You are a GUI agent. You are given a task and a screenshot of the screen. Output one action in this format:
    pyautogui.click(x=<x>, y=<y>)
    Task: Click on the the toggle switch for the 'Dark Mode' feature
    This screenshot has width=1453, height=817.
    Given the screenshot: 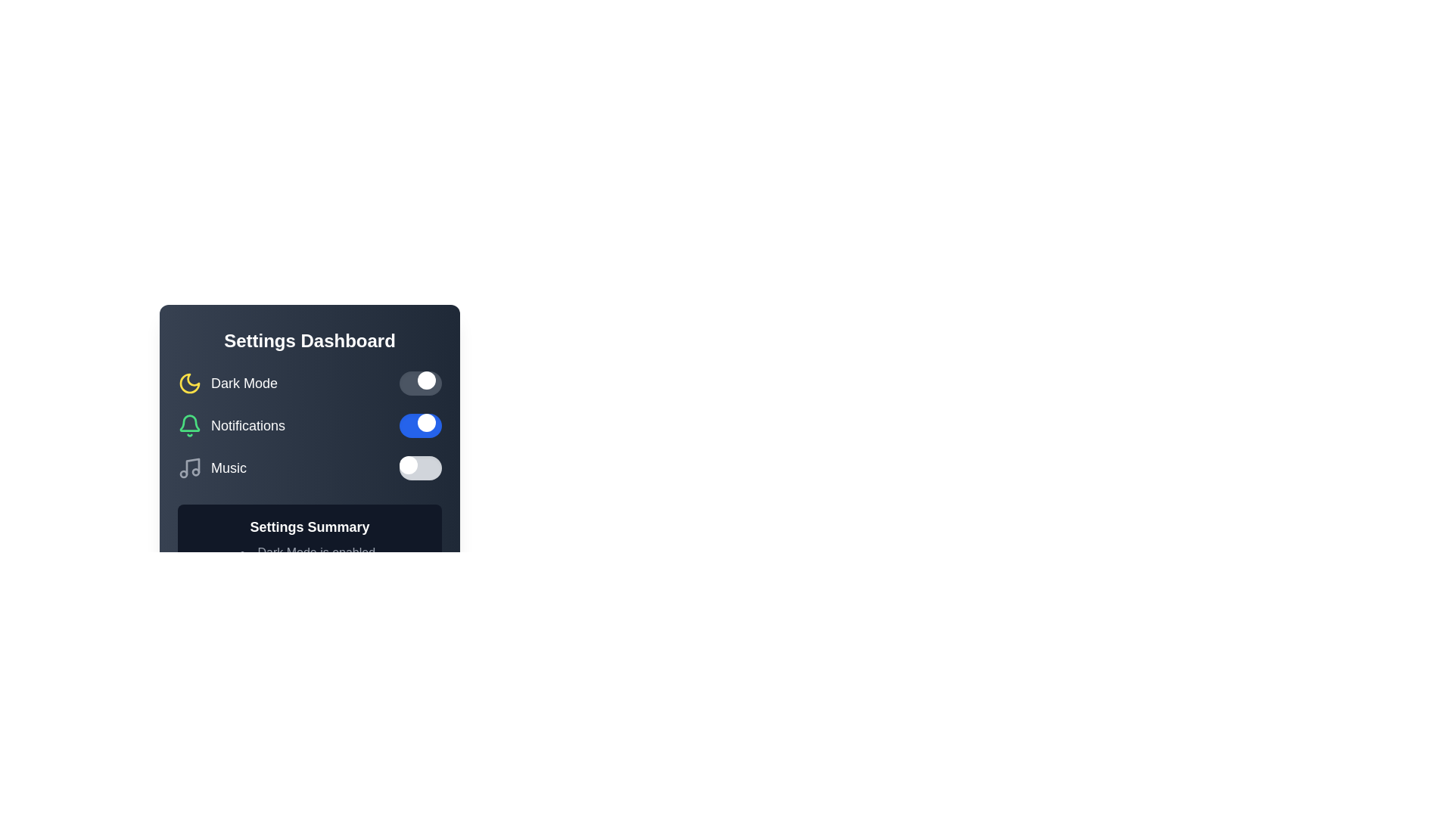 What is the action you would take?
    pyautogui.click(x=421, y=382)
    